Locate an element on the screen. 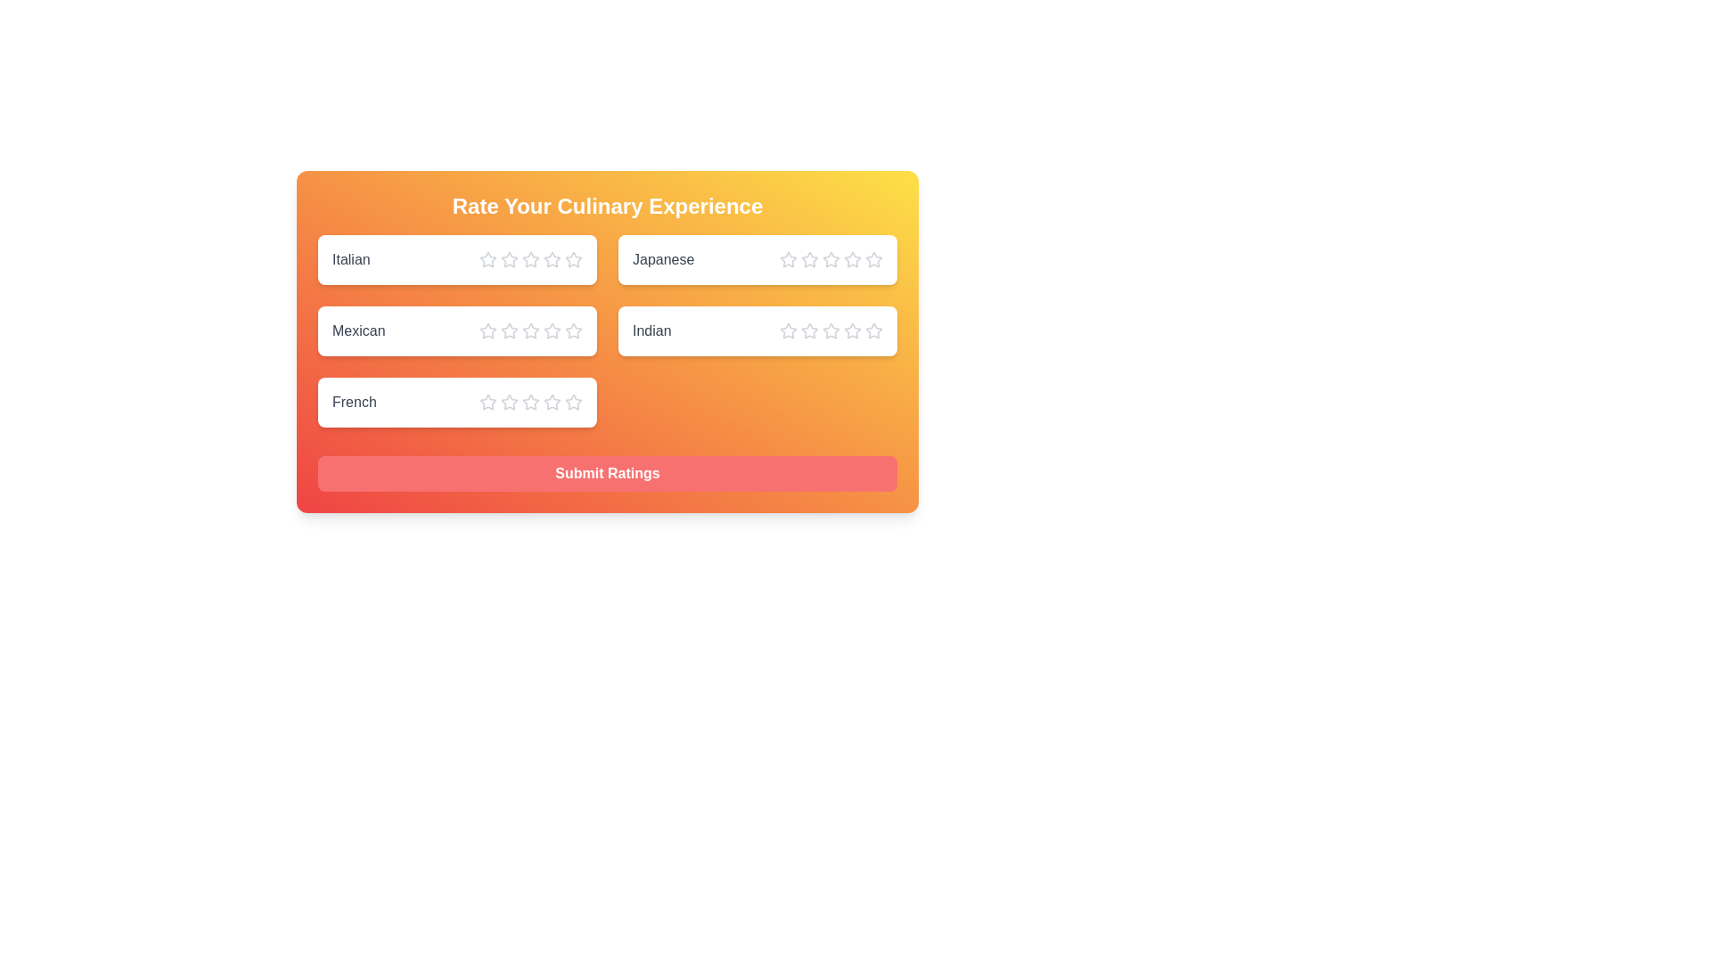 This screenshot has height=962, width=1711. the star corresponding to the rating 5 for the cuisine Mexican is located at coordinates (573, 330).